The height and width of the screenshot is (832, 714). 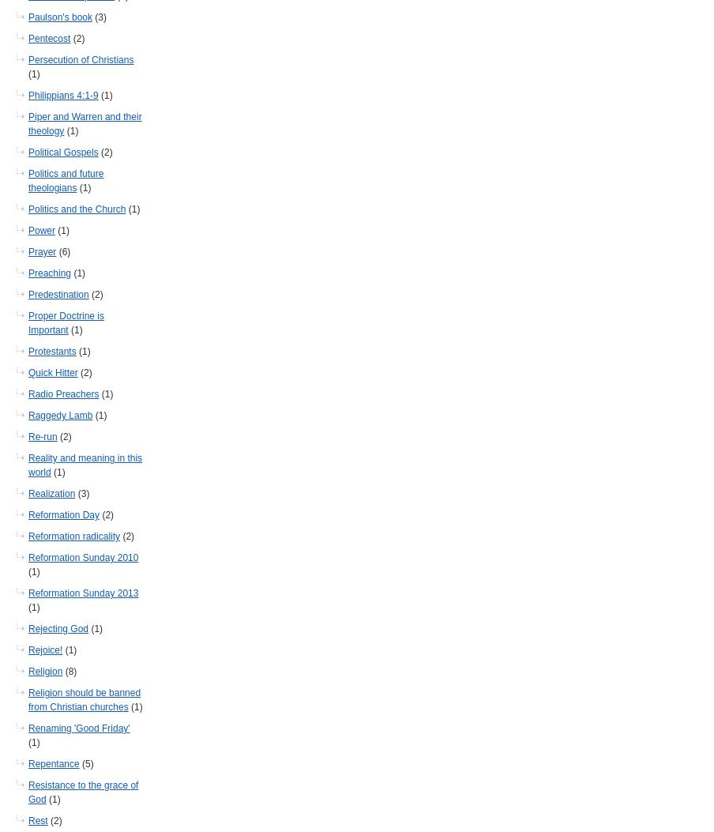 What do you see at coordinates (74, 536) in the screenshot?
I see `'Reformation radicality'` at bounding box center [74, 536].